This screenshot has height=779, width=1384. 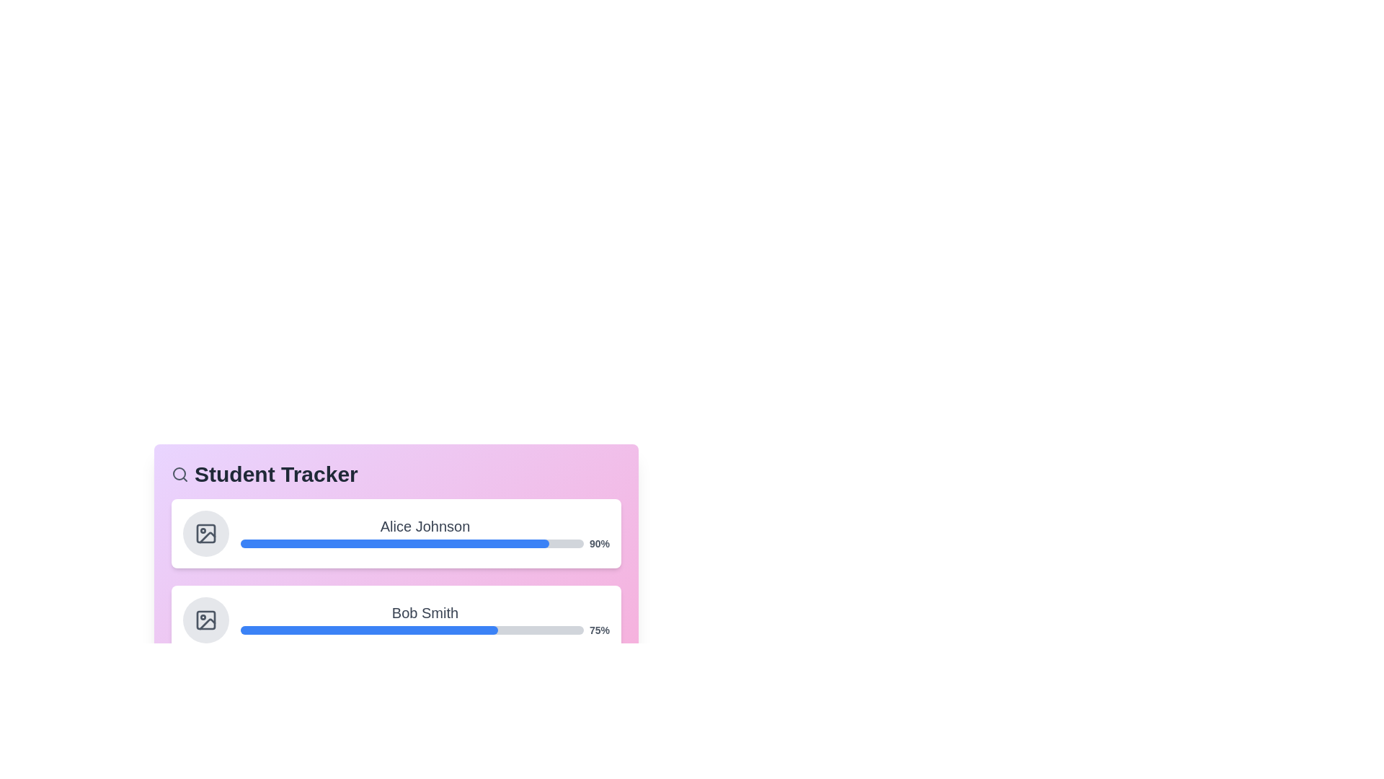 I want to click on the placeholder image for Bob Smith to upload a profile picture, so click(x=205, y=620).